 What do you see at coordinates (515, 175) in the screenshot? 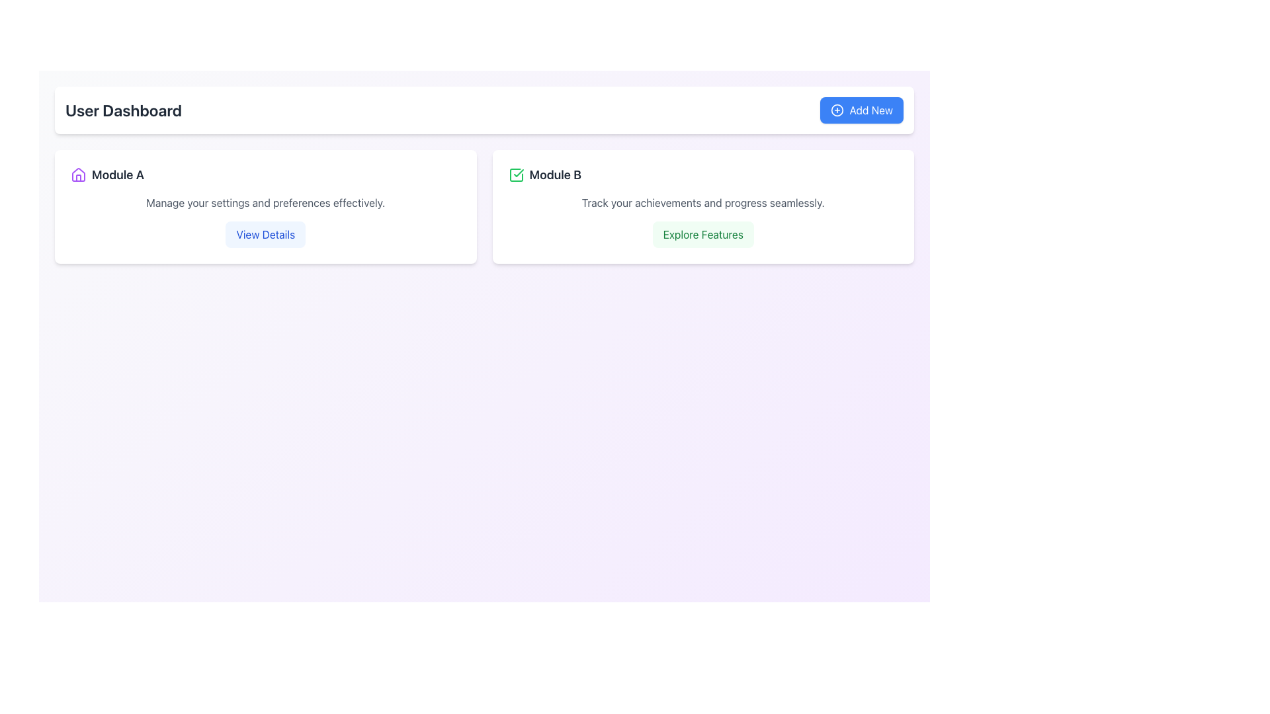
I see `the status icon located in the top-left corner of the 'Module B' card as part of the card's visual content` at bounding box center [515, 175].